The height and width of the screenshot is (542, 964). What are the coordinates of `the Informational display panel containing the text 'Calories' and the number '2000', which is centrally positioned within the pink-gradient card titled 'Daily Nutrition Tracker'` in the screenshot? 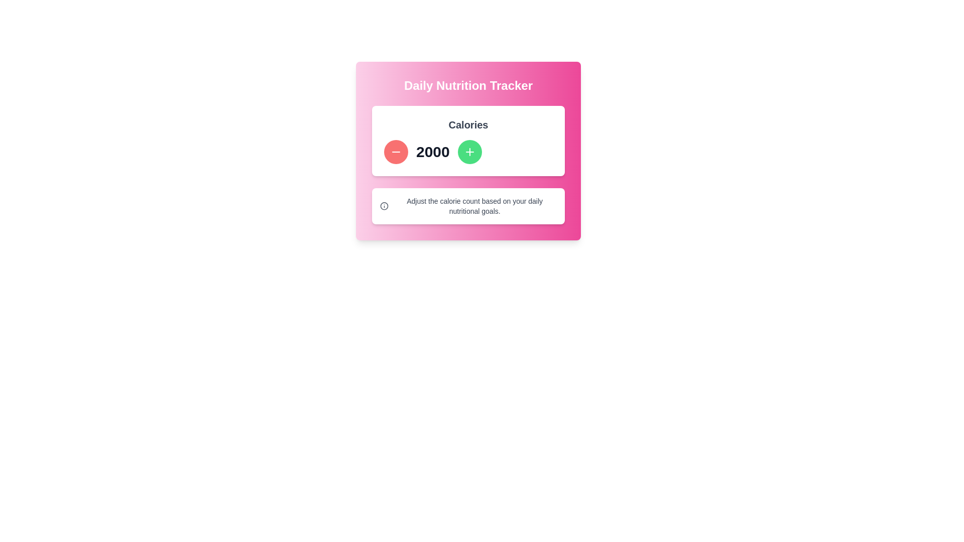 It's located at (467, 141).